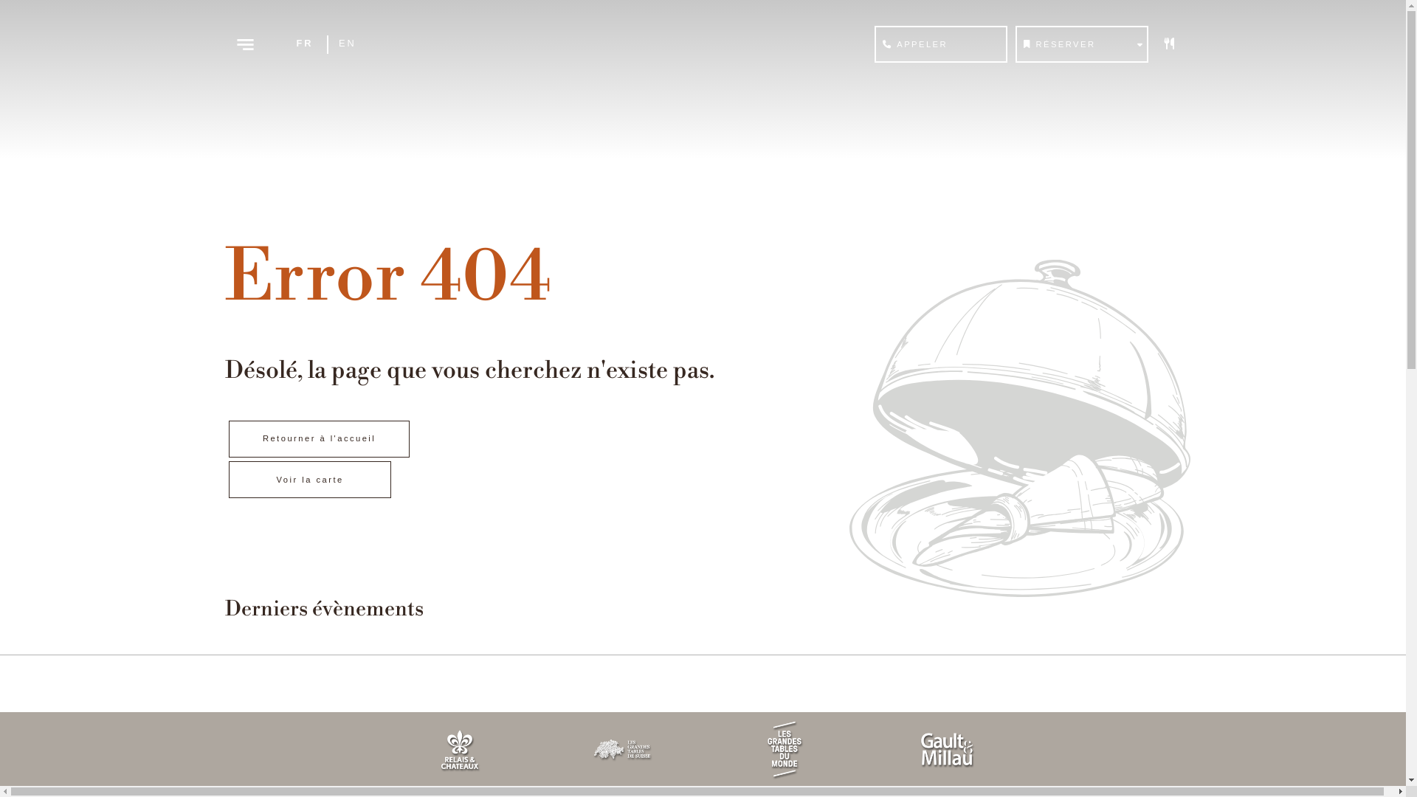 Image resolution: width=1417 pixels, height=797 pixels. Describe the element at coordinates (346, 44) in the screenshot. I see `'EN'` at that location.